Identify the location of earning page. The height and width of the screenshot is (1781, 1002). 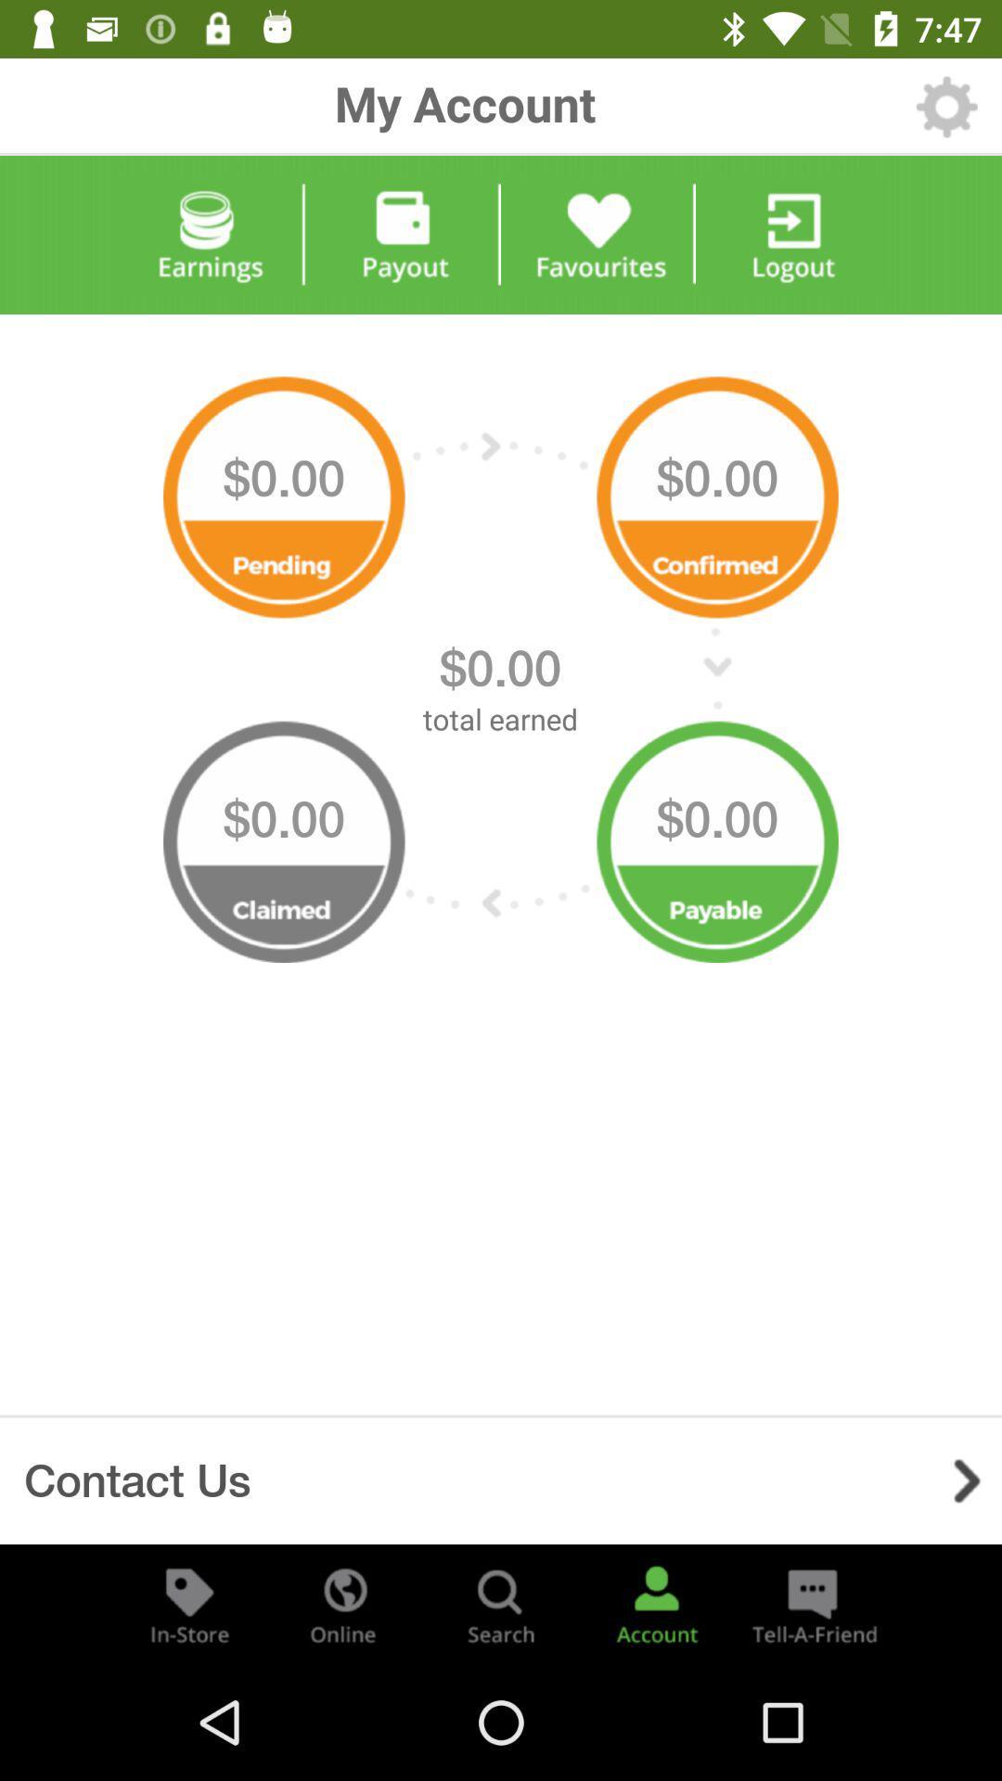
(208, 234).